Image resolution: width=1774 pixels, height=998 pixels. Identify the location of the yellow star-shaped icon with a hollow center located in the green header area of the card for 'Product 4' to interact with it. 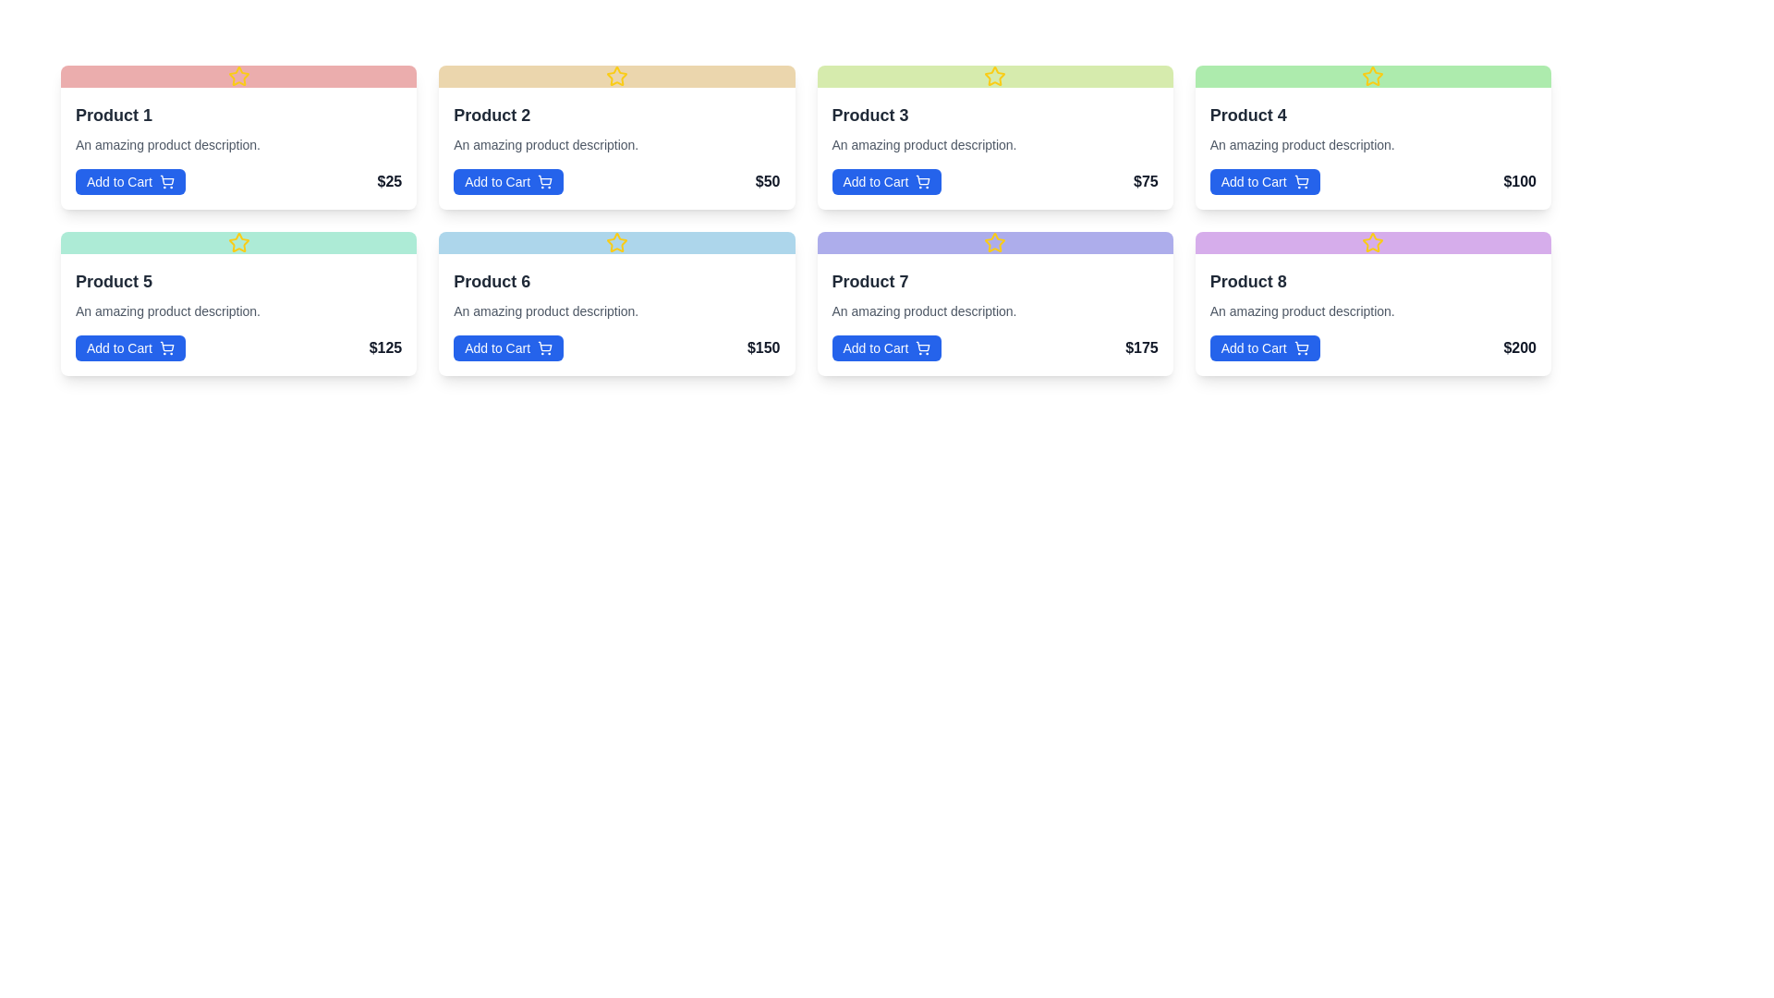
(1373, 76).